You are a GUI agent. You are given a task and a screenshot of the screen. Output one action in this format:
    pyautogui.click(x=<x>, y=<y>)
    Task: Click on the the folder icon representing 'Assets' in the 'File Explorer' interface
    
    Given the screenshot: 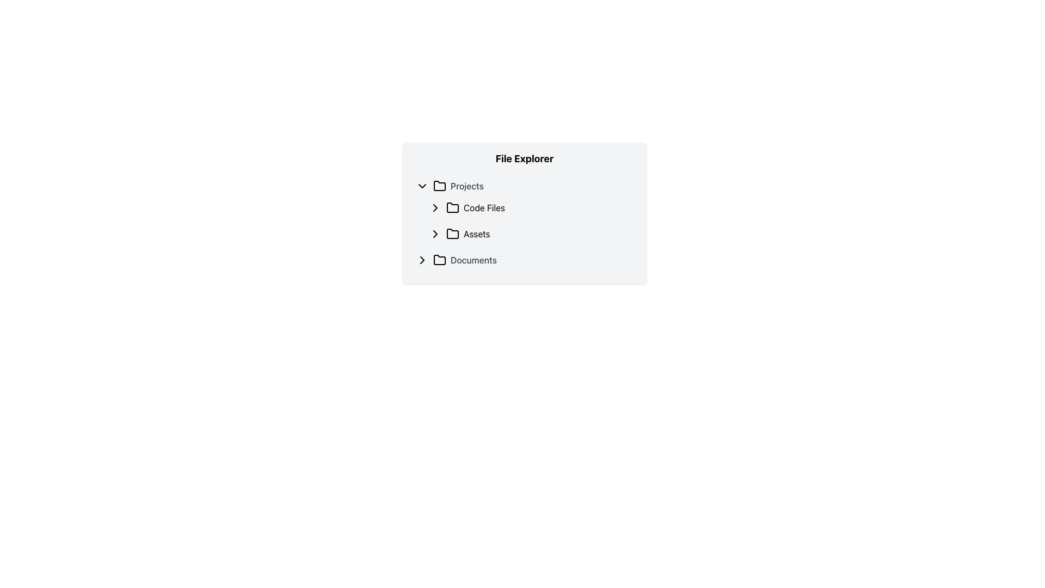 What is the action you would take?
    pyautogui.click(x=452, y=233)
    